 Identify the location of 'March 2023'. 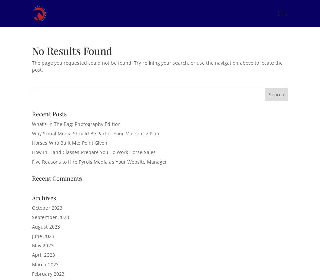
(32, 264).